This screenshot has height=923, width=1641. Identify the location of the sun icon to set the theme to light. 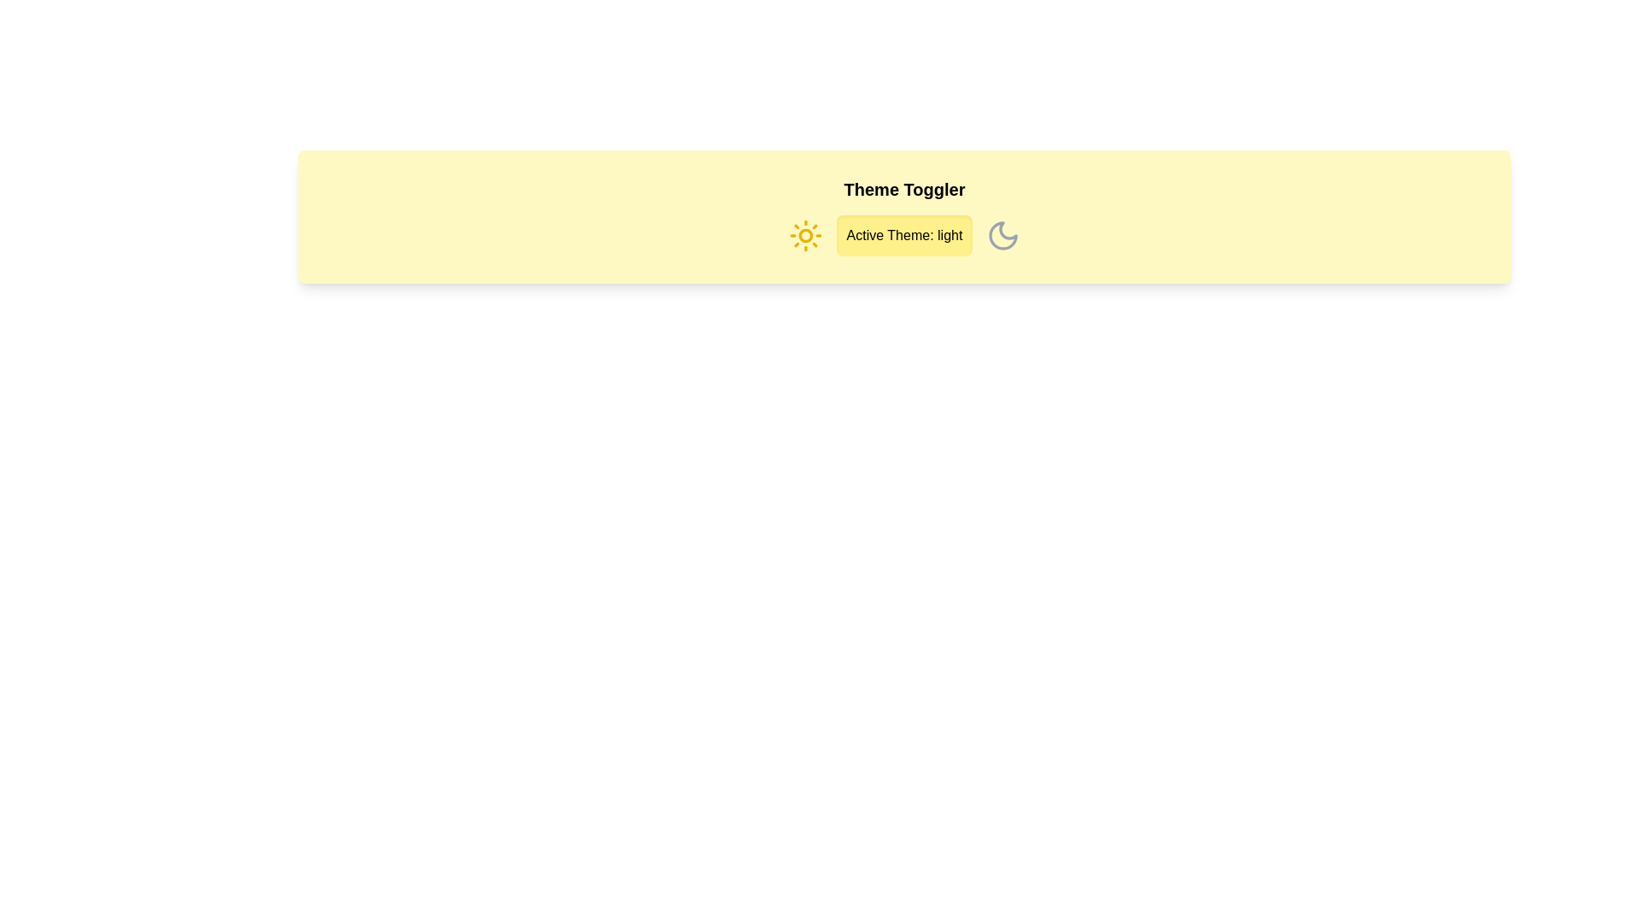
(804, 236).